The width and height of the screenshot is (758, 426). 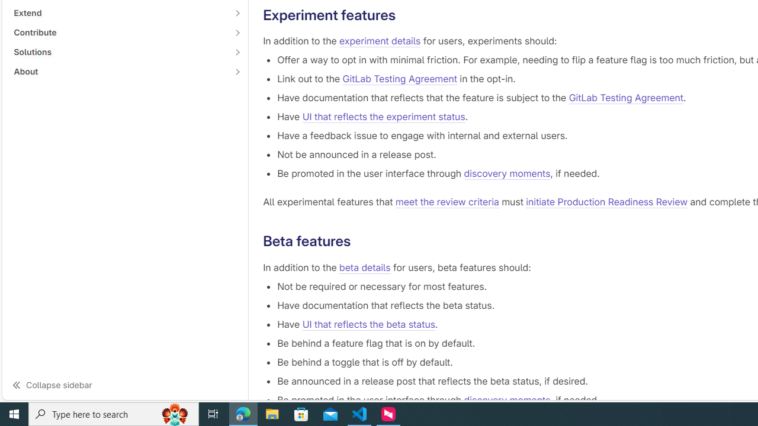 What do you see at coordinates (118, 12) in the screenshot?
I see `'Extend'` at bounding box center [118, 12].